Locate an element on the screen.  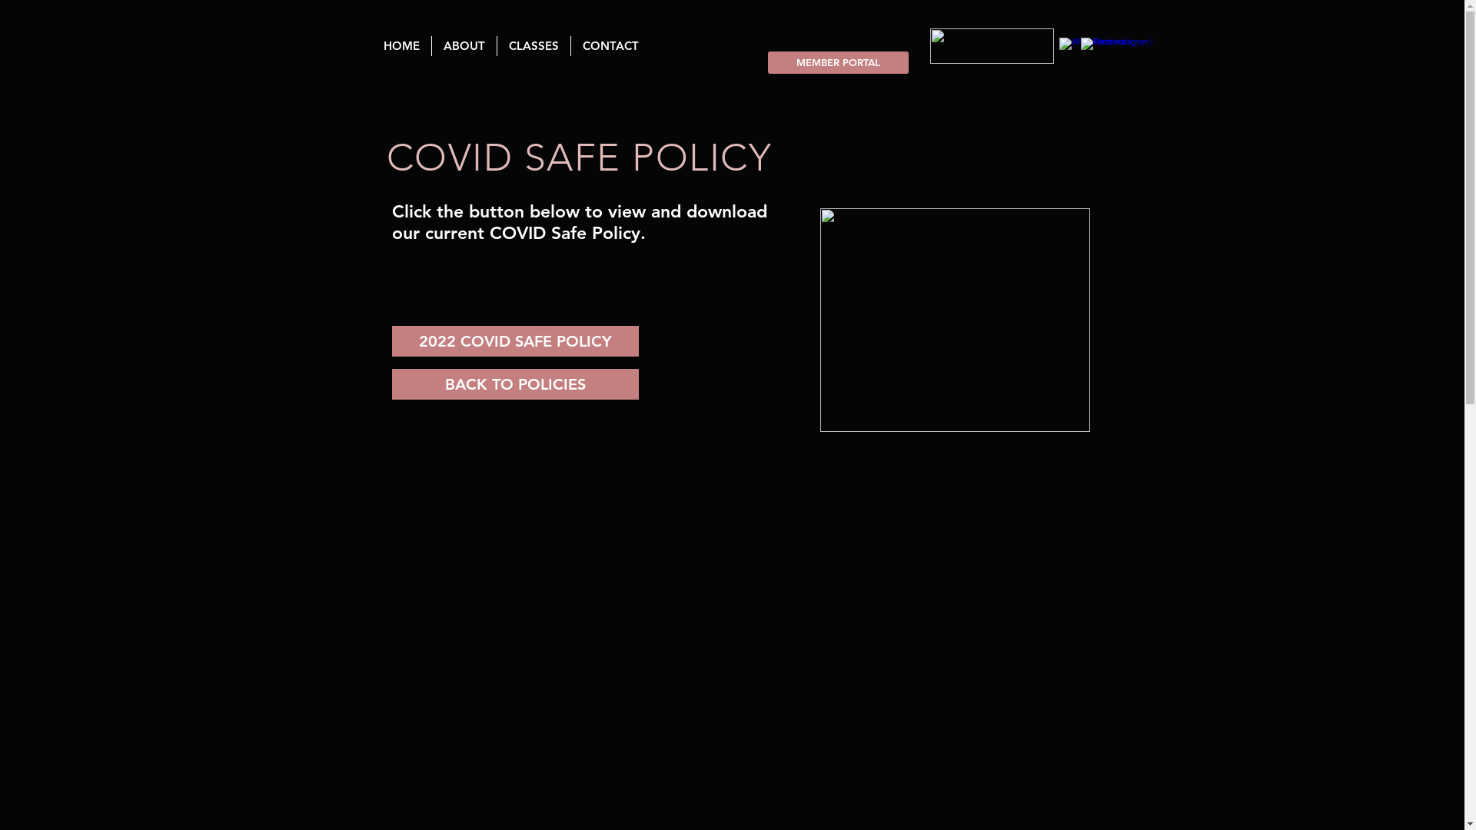
'CONTACT' is located at coordinates (570, 45).